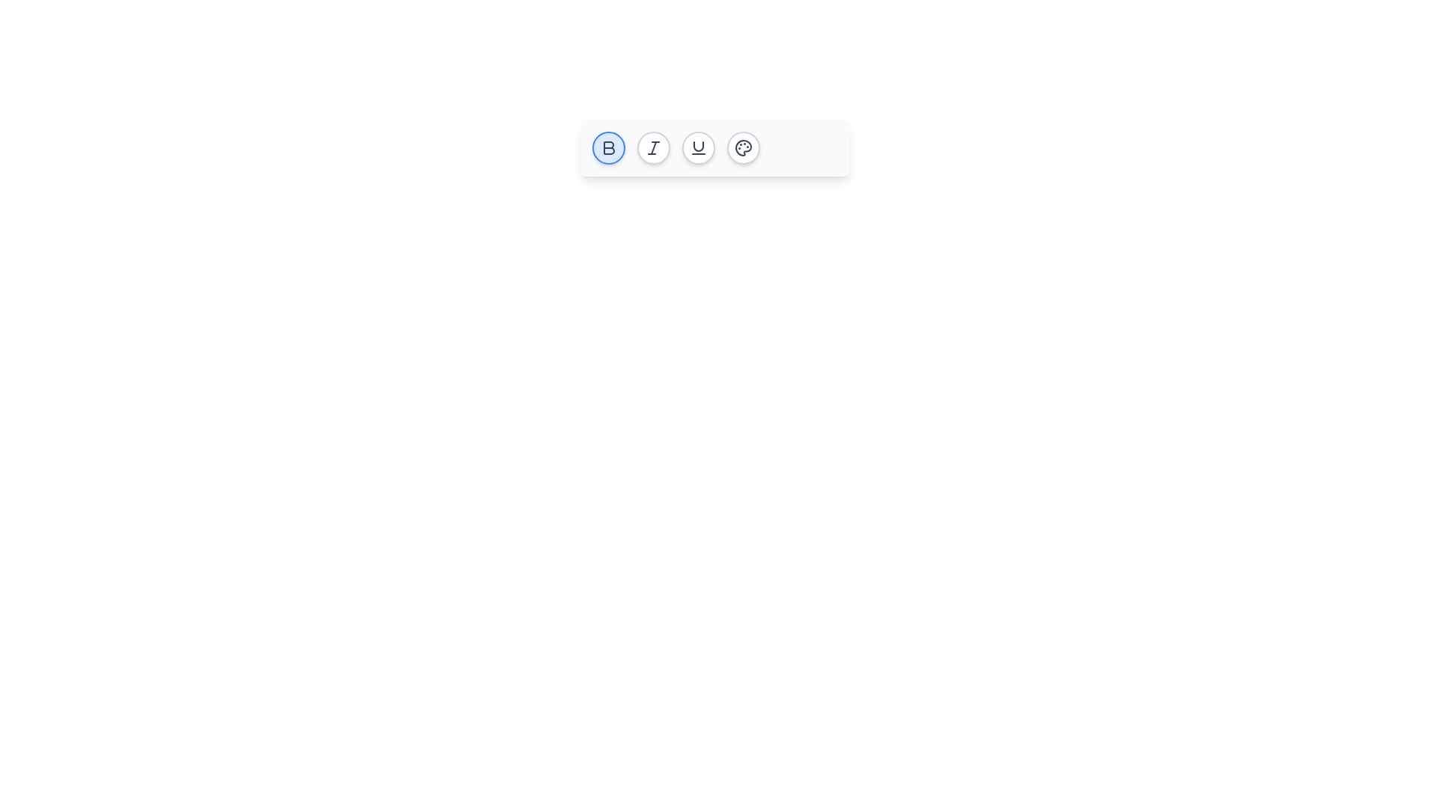  Describe the element at coordinates (697, 147) in the screenshot. I see `the underlining formatting button, which is the third icon from the left in a toolbar` at that location.